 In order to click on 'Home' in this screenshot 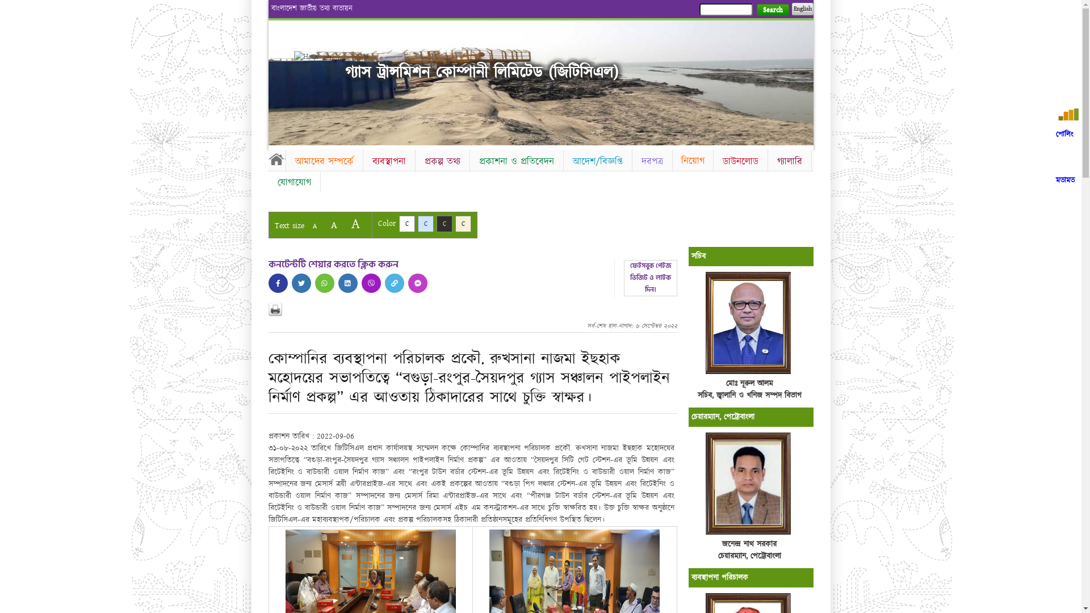, I will do `click(313, 57)`.